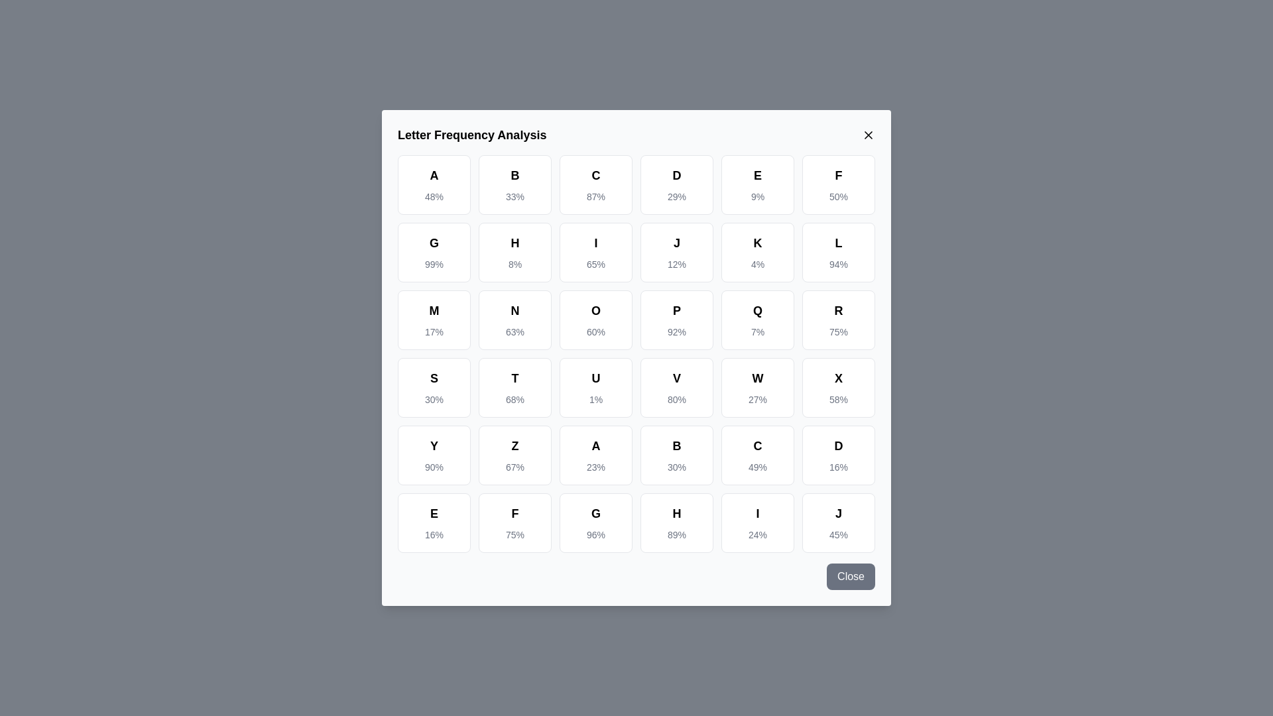  I want to click on the letter cell corresponding to J, so click(677, 253).